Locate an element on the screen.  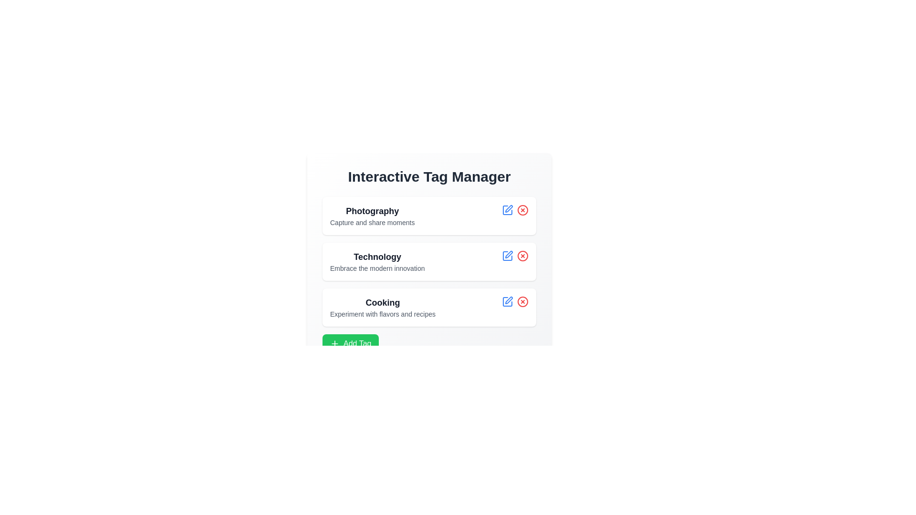
the text label displaying 'Capture and share moments' located directly beneath the 'Photography' heading is located at coordinates (372, 222).